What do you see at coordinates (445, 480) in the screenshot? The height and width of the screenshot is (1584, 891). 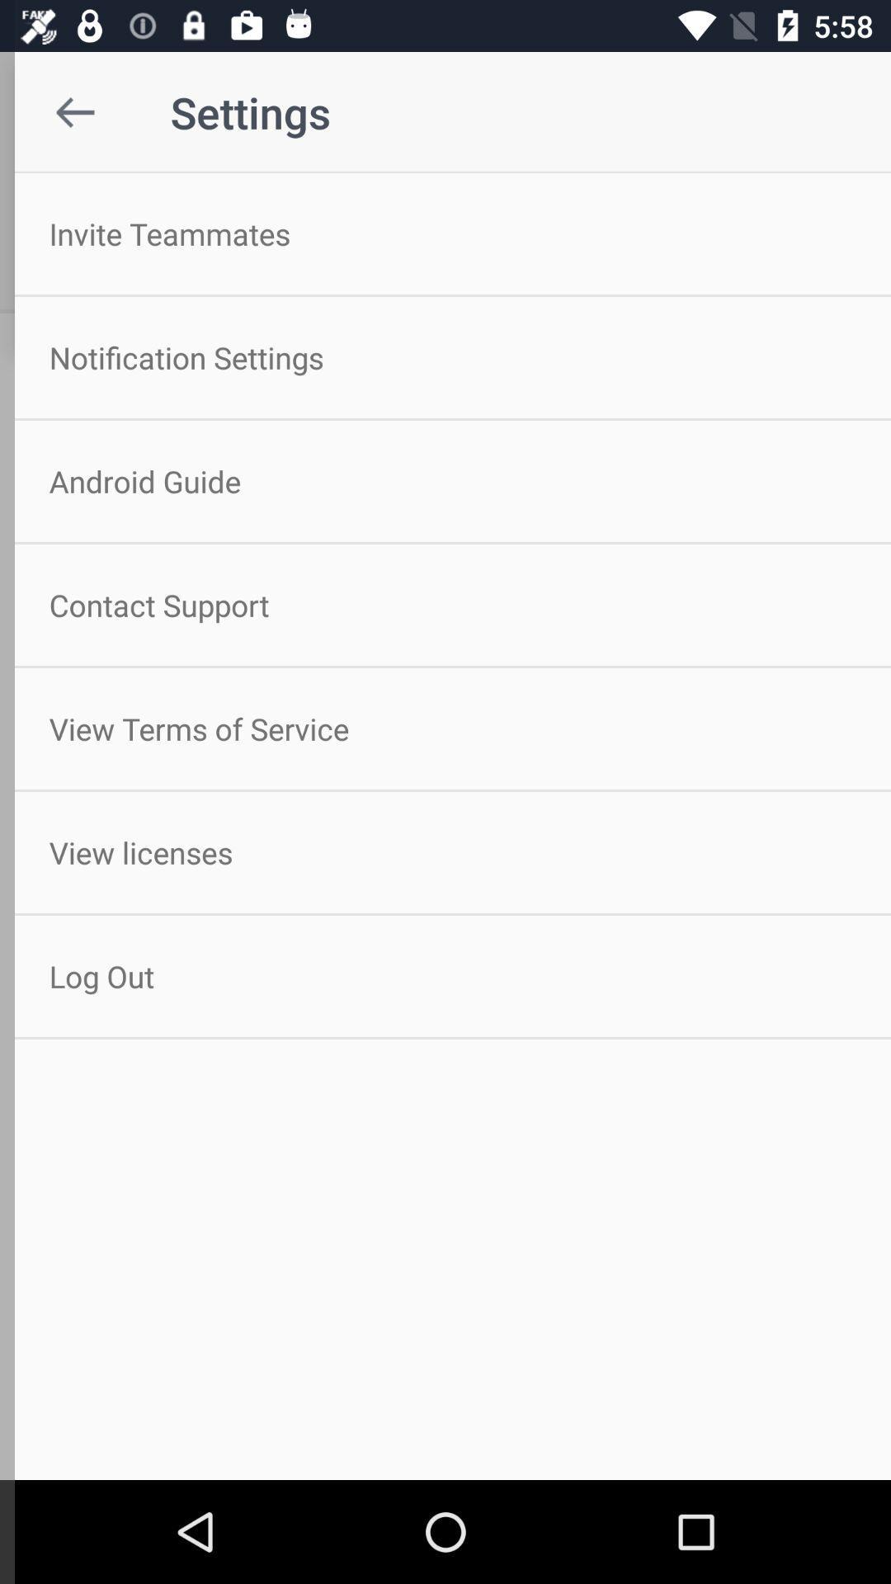 I see `the icon above contact support icon` at bounding box center [445, 480].